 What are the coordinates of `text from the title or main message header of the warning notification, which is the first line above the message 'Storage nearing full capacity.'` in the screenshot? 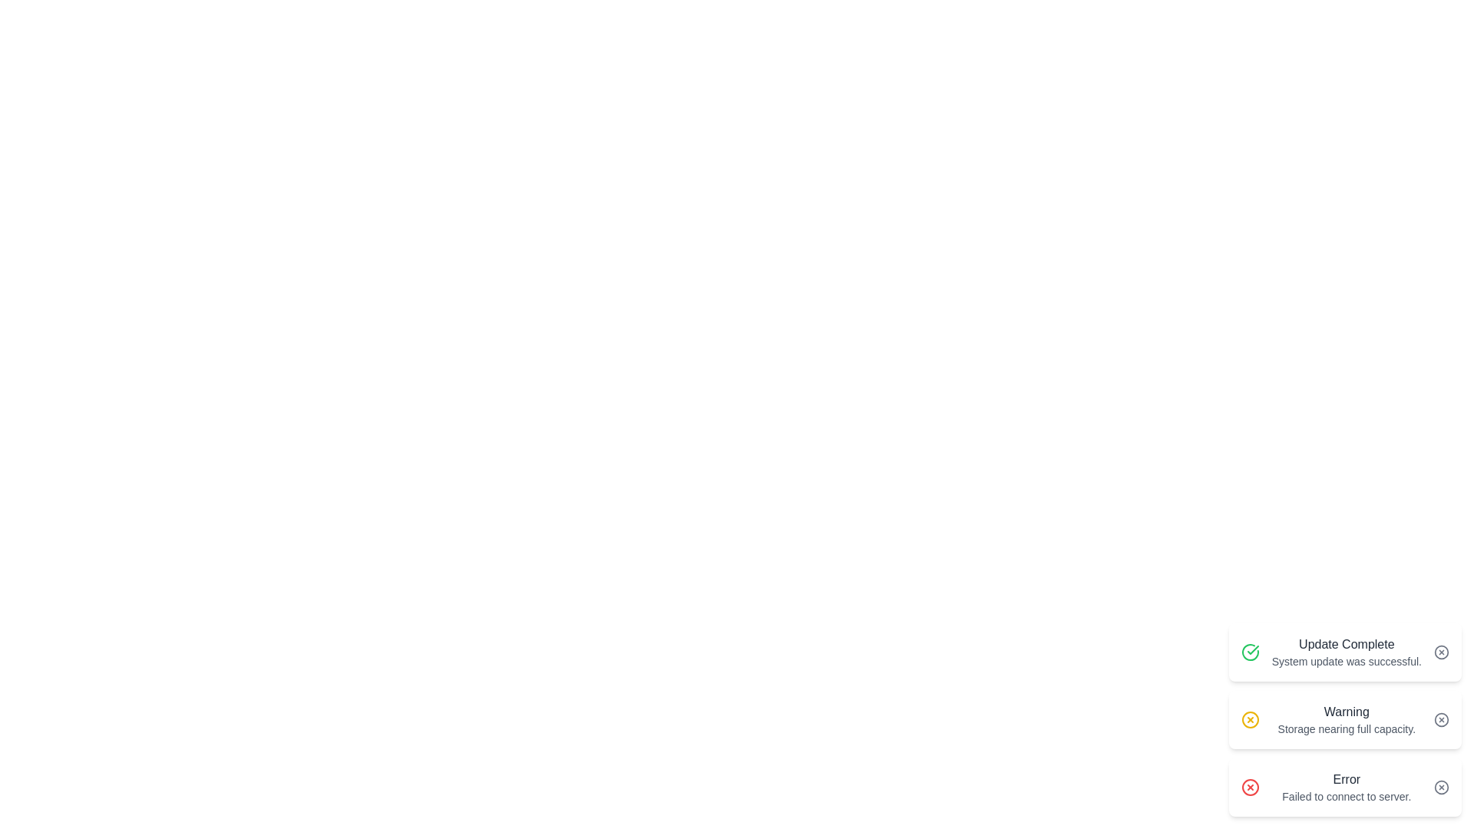 It's located at (1346, 712).